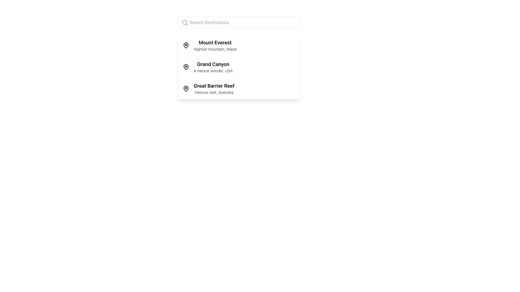 Image resolution: width=520 pixels, height=292 pixels. Describe the element at coordinates (214, 88) in the screenshot. I see `the Text Label displaying 'Great Barrier Reef' and 'Famous reef, Australia', which is the third item in a vertical list, located to the right of a location icon` at that location.